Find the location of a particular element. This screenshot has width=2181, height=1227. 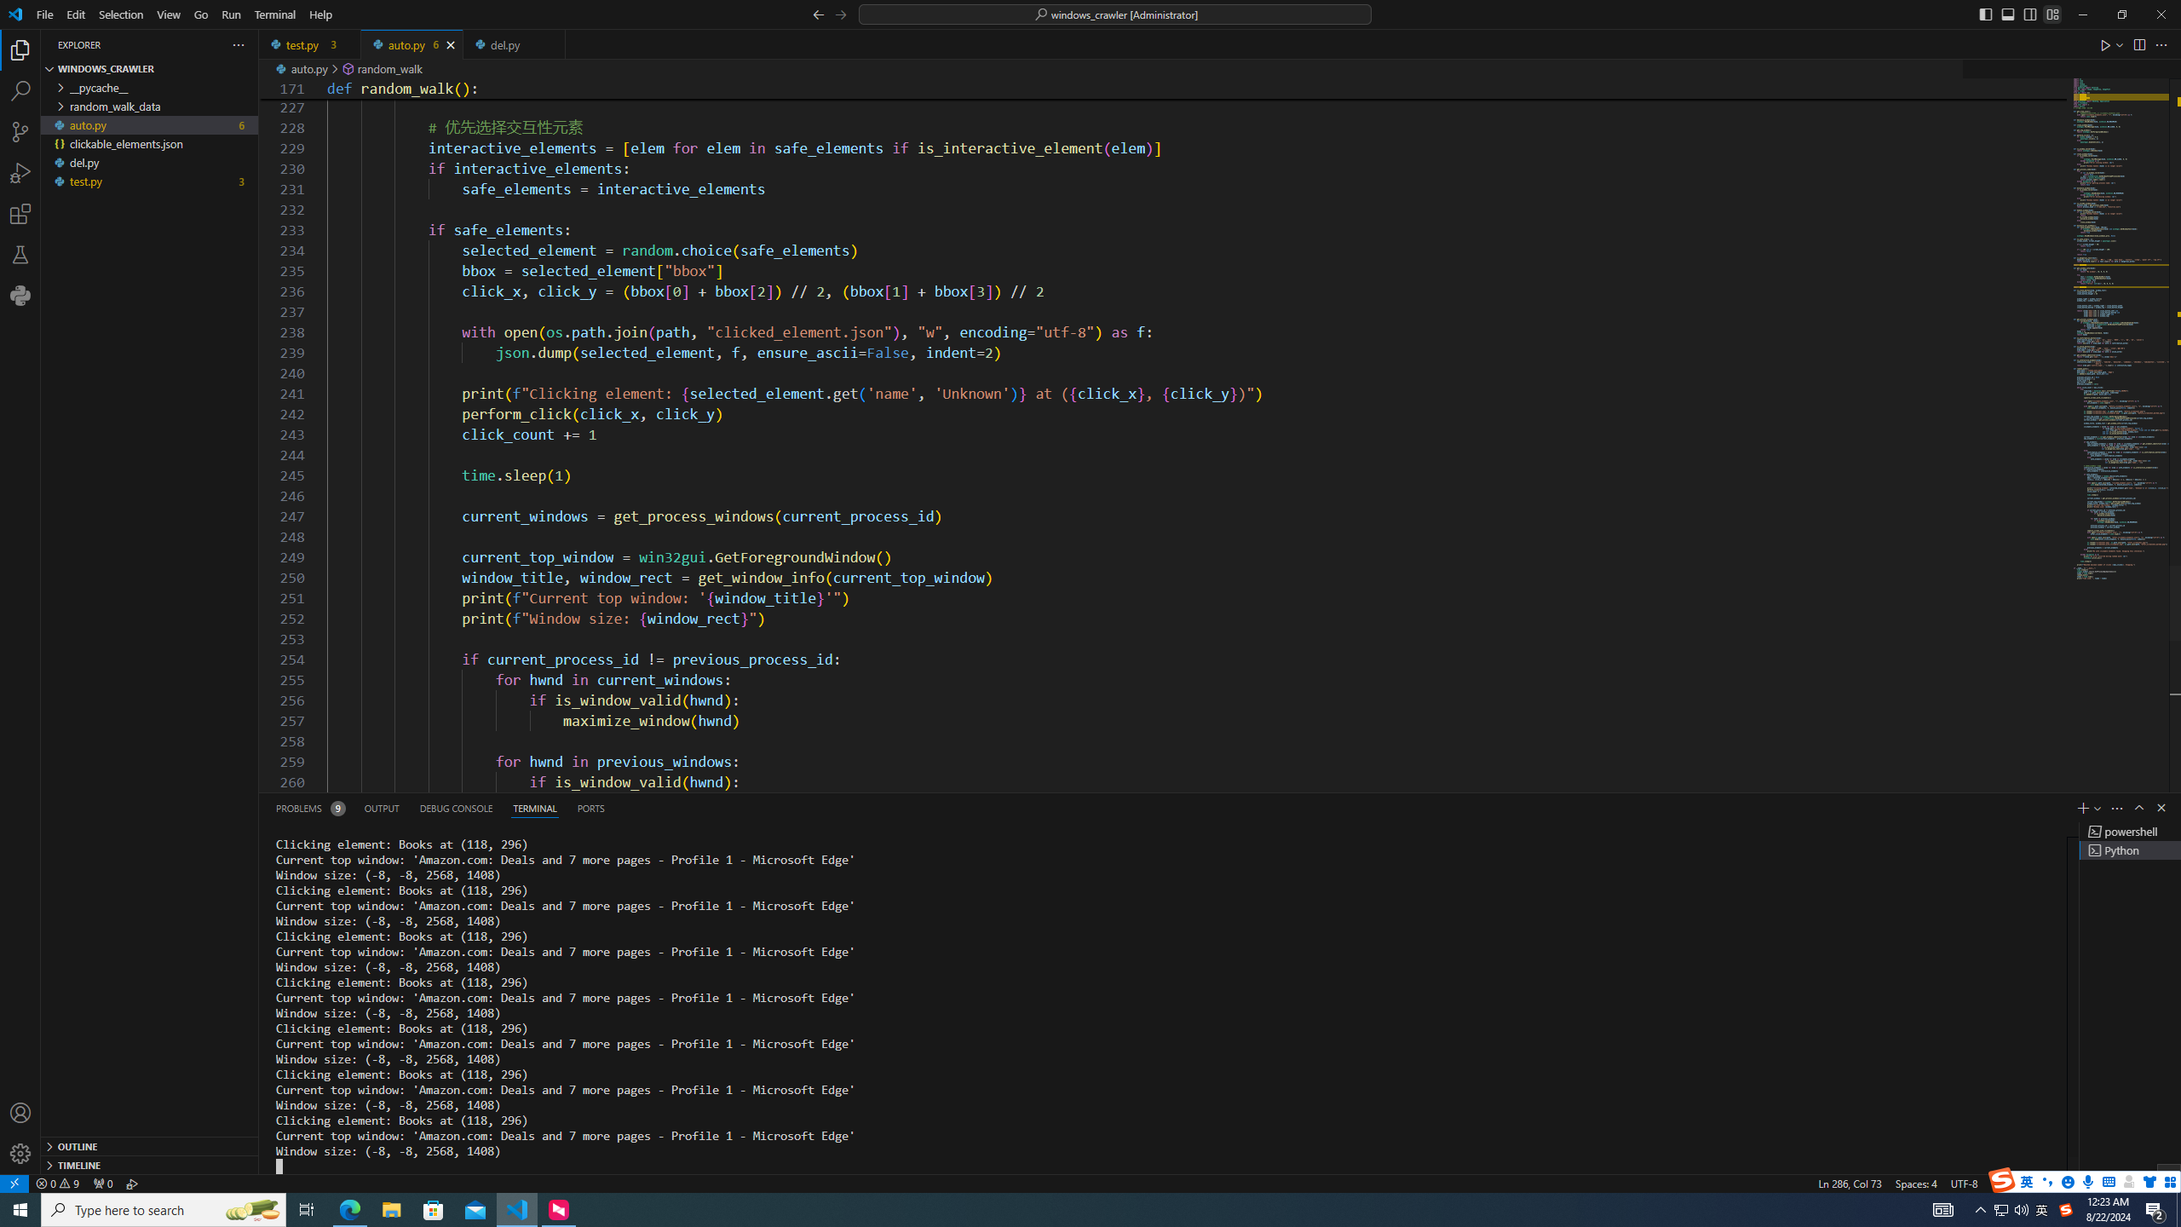

'Timeline Section' is located at coordinates (149, 1165).